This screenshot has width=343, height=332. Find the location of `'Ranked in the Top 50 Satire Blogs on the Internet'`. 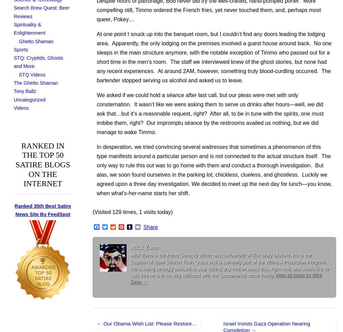

'Ranked in the Top 50 Satire Blogs on the Internet' is located at coordinates (42, 164).